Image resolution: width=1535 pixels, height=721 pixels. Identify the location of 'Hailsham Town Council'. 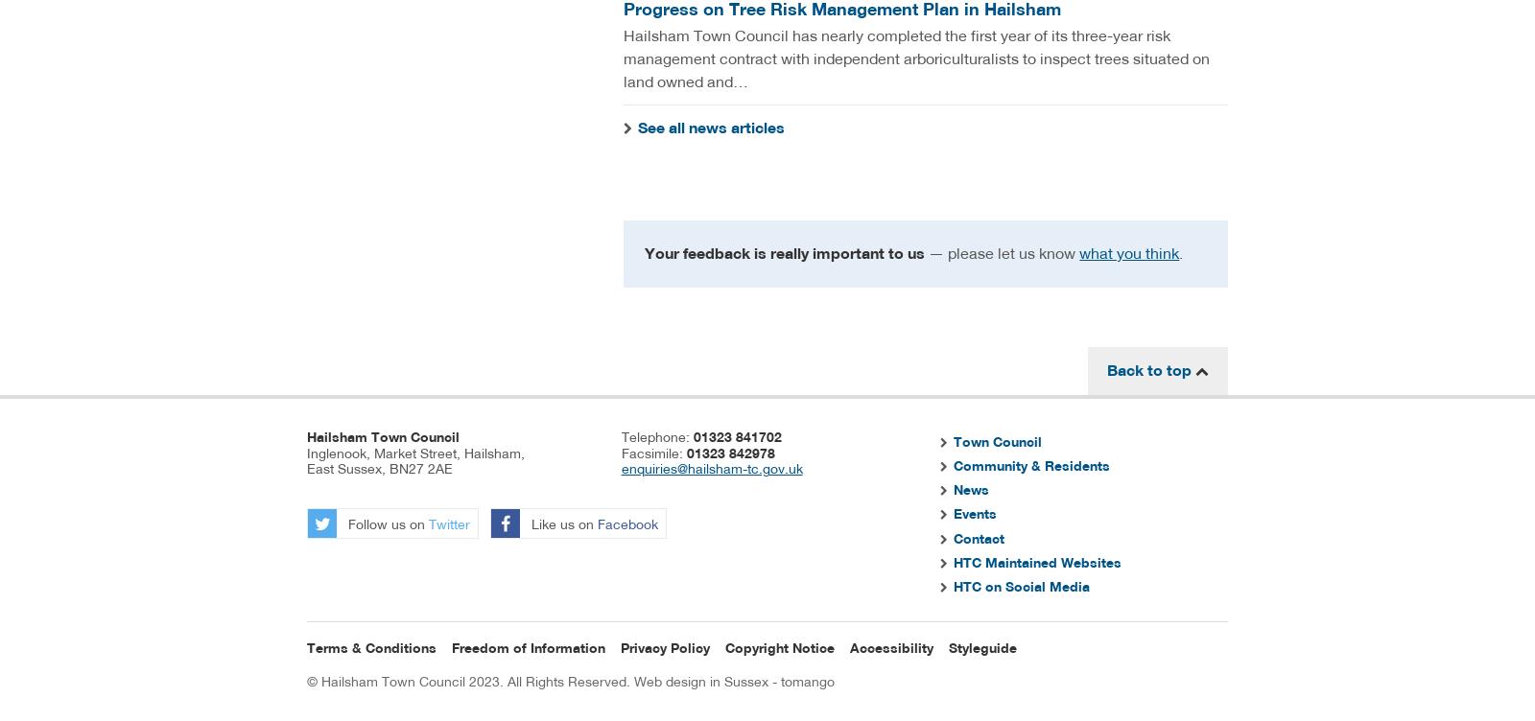
(383, 435).